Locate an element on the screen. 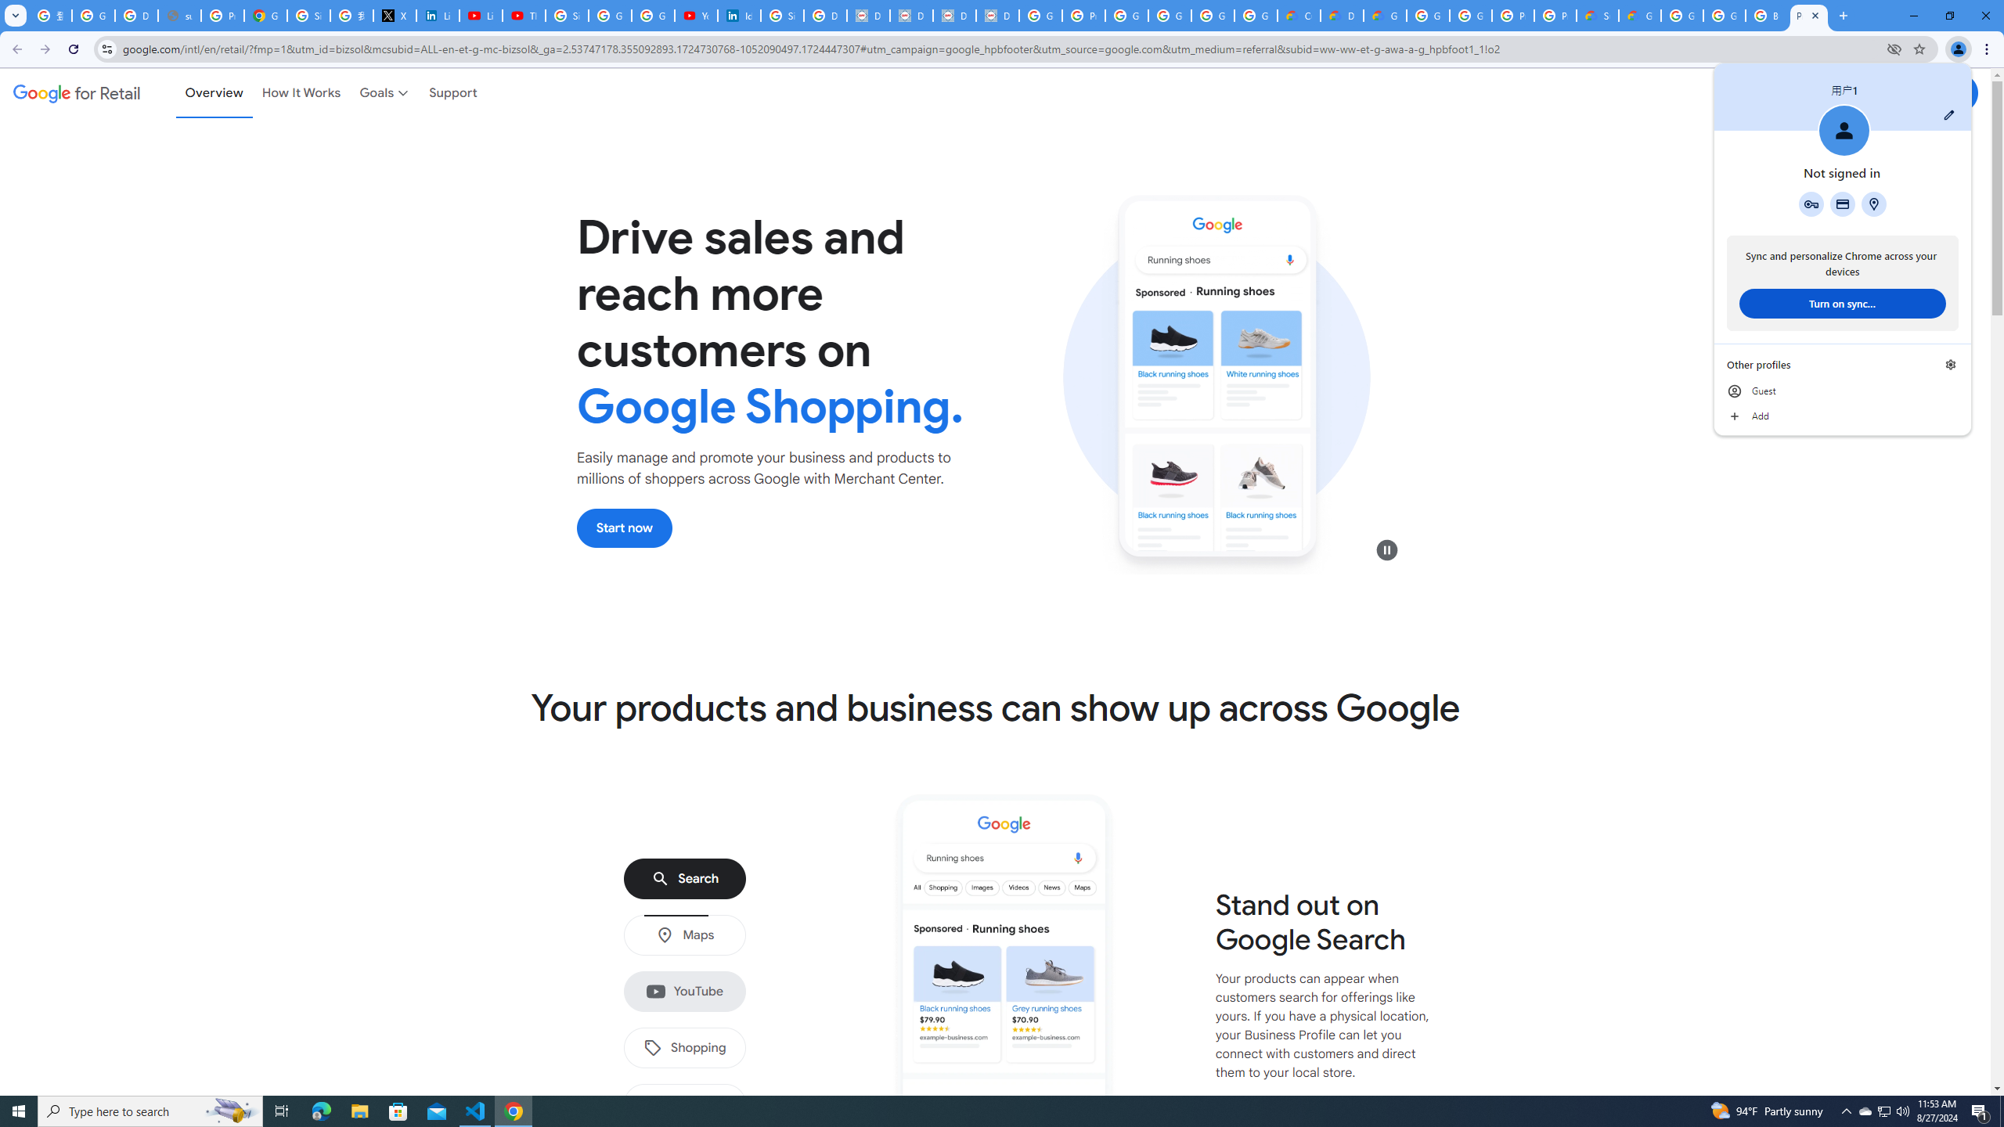  'Add' is located at coordinates (1841, 416).